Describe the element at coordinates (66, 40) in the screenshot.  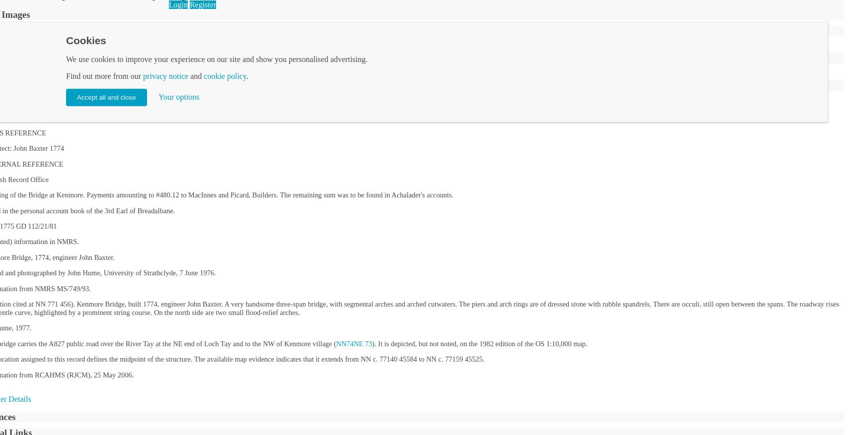
I see `'Cookies'` at that location.